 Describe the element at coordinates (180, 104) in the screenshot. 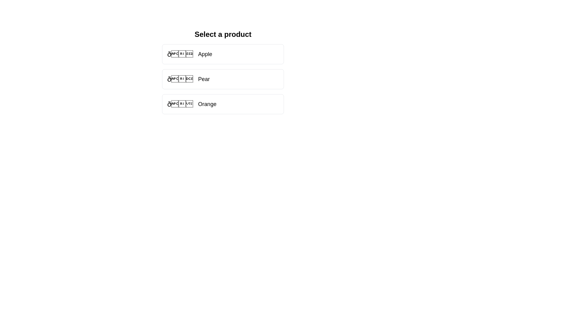

I see `the peach emoji-style icon that is positioned to the left of the label 'Orange' in the third row of the vertically stacked column` at that location.